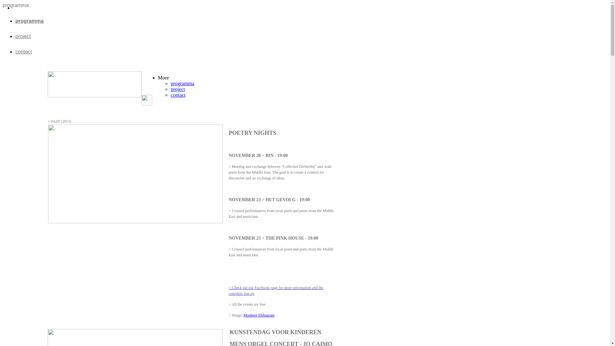 This screenshot has width=615, height=346. I want to click on 'programma', so click(182, 83).